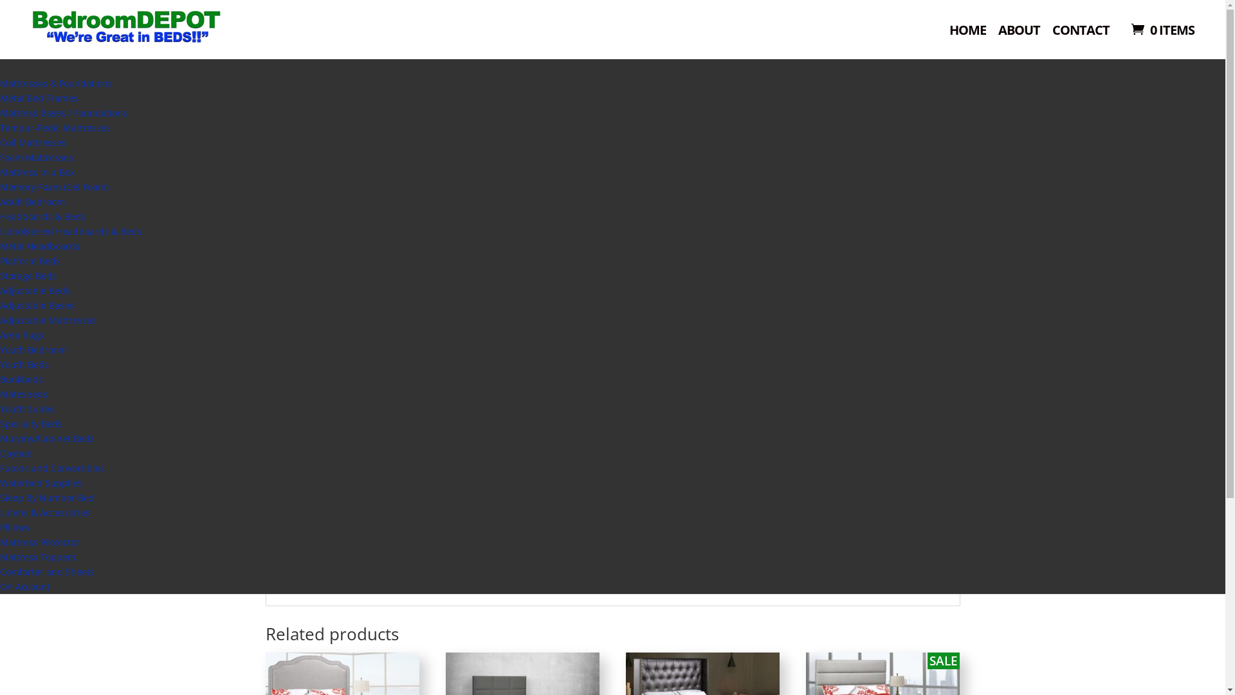 The width and height of the screenshot is (1235, 695). I want to click on 'Sleep By Number Bed', so click(0, 497).